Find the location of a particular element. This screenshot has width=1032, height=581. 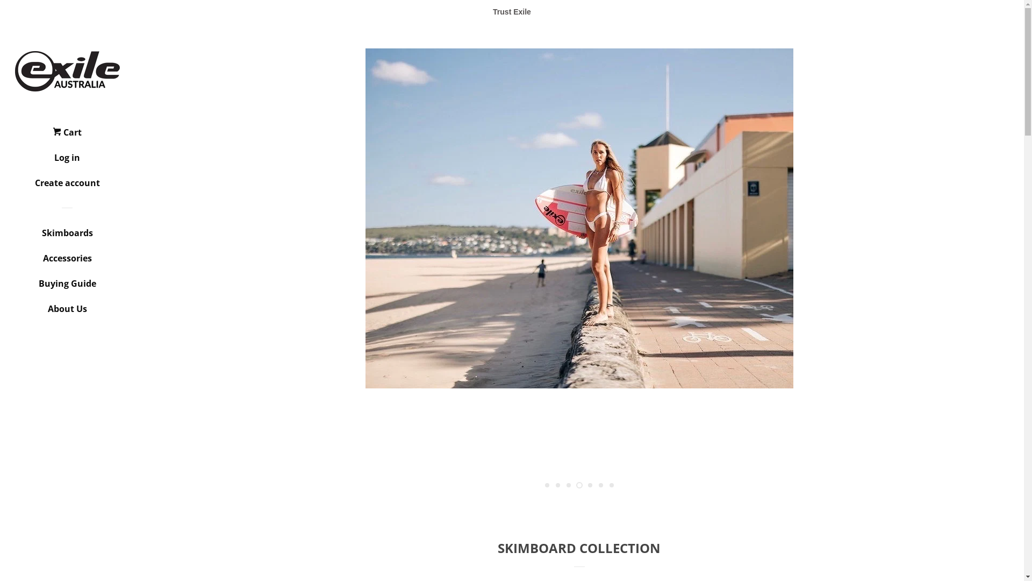

'Accessories' is located at coordinates (66, 262).